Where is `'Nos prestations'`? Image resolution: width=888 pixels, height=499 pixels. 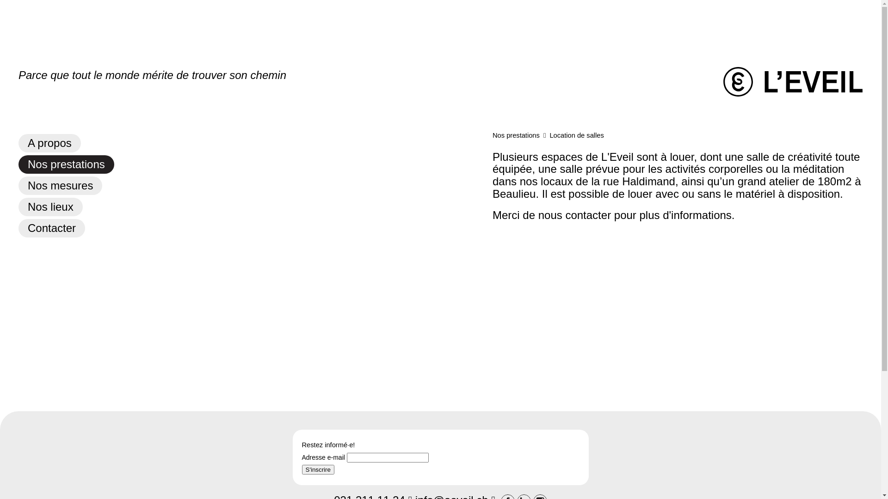
'Nos prestations' is located at coordinates (516, 135).